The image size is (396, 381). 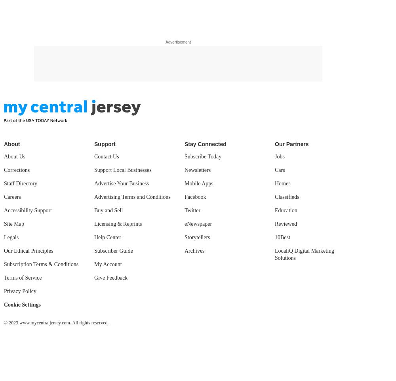 What do you see at coordinates (20, 291) in the screenshot?
I see `'Privacy Policy'` at bounding box center [20, 291].